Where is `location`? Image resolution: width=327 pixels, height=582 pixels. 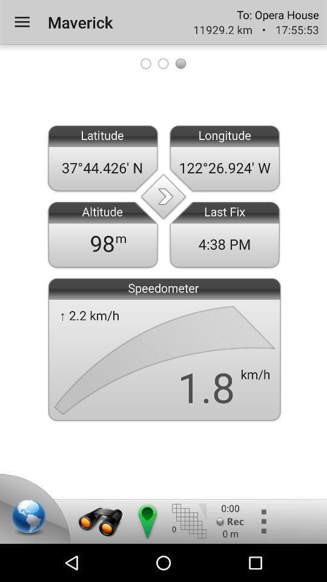 location is located at coordinates (31, 517).